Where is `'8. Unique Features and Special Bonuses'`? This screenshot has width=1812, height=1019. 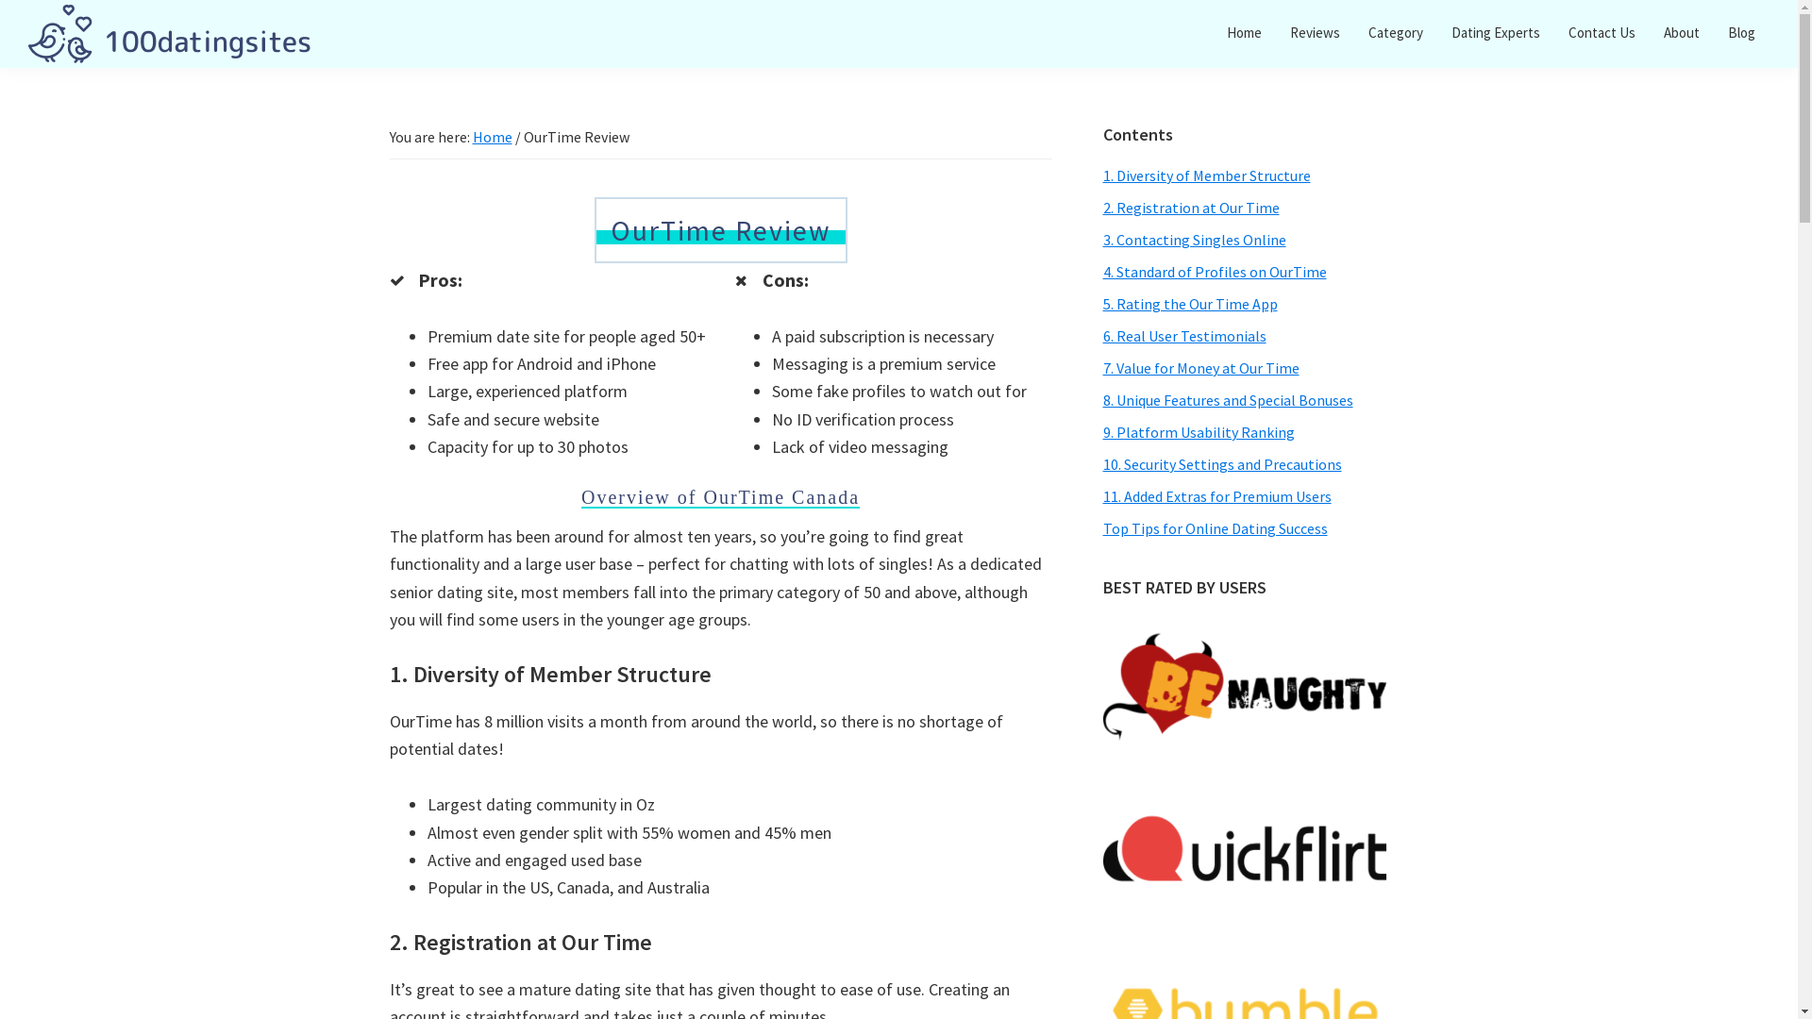 '8. Unique Features and Special Bonuses' is located at coordinates (1101, 399).